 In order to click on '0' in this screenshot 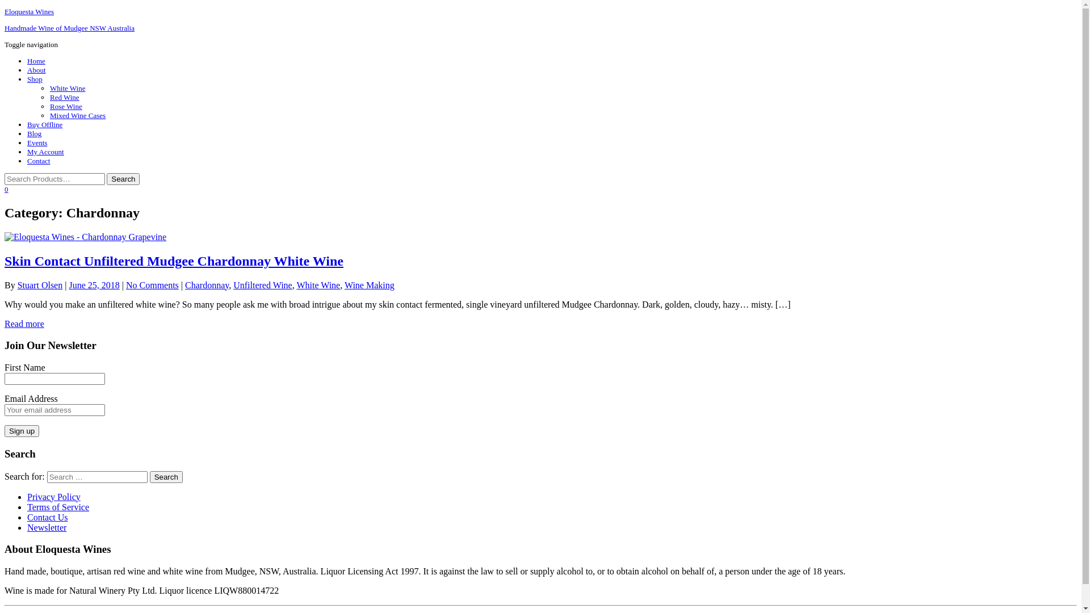, I will do `click(6, 188)`.